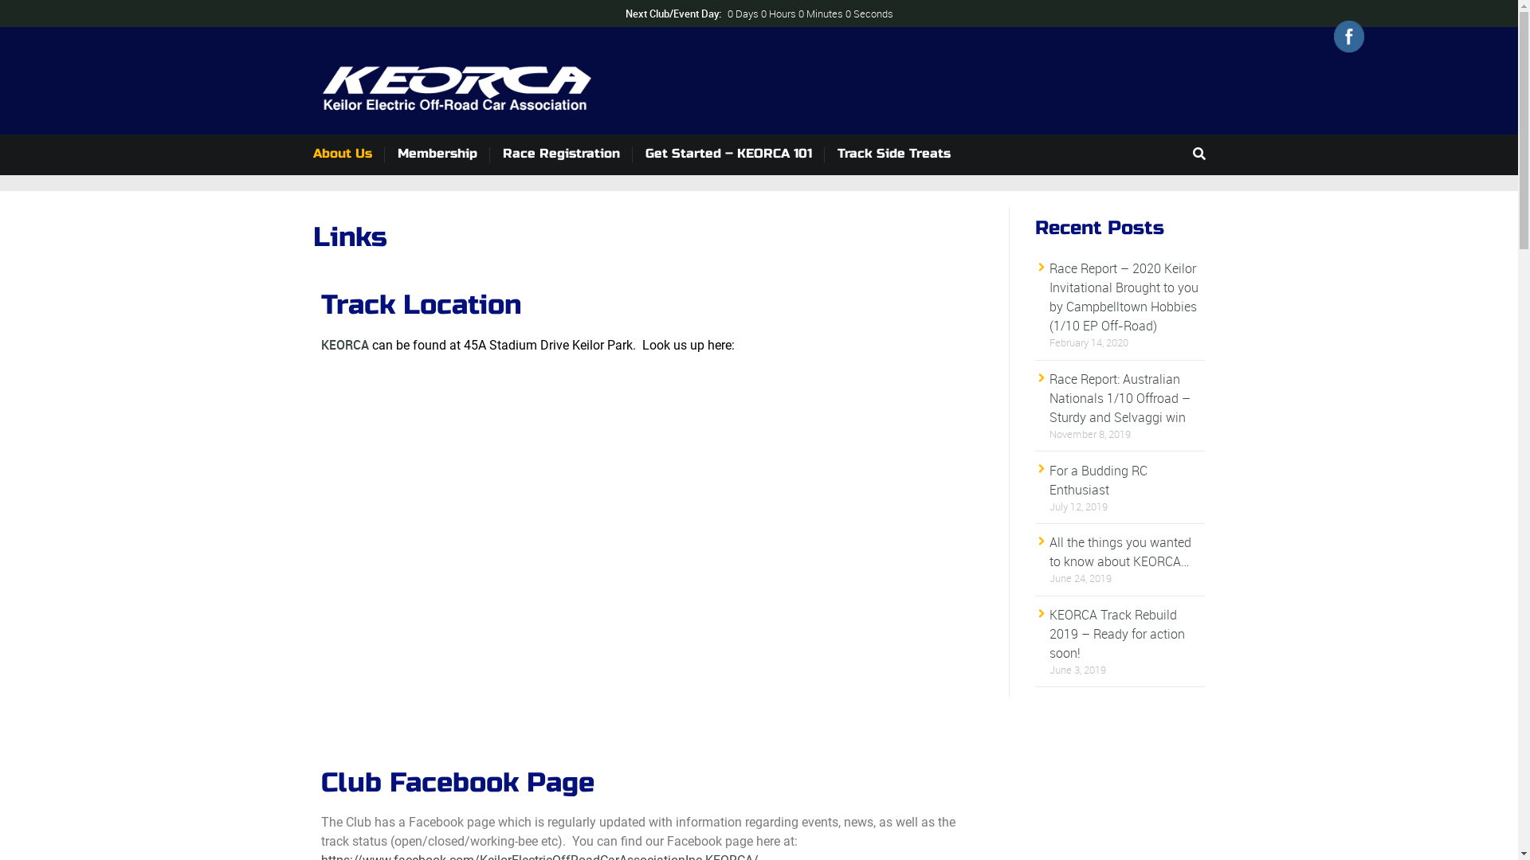  Describe the element at coordinates (443, 154) in the screenshot. I see `'Membership'` at that location.